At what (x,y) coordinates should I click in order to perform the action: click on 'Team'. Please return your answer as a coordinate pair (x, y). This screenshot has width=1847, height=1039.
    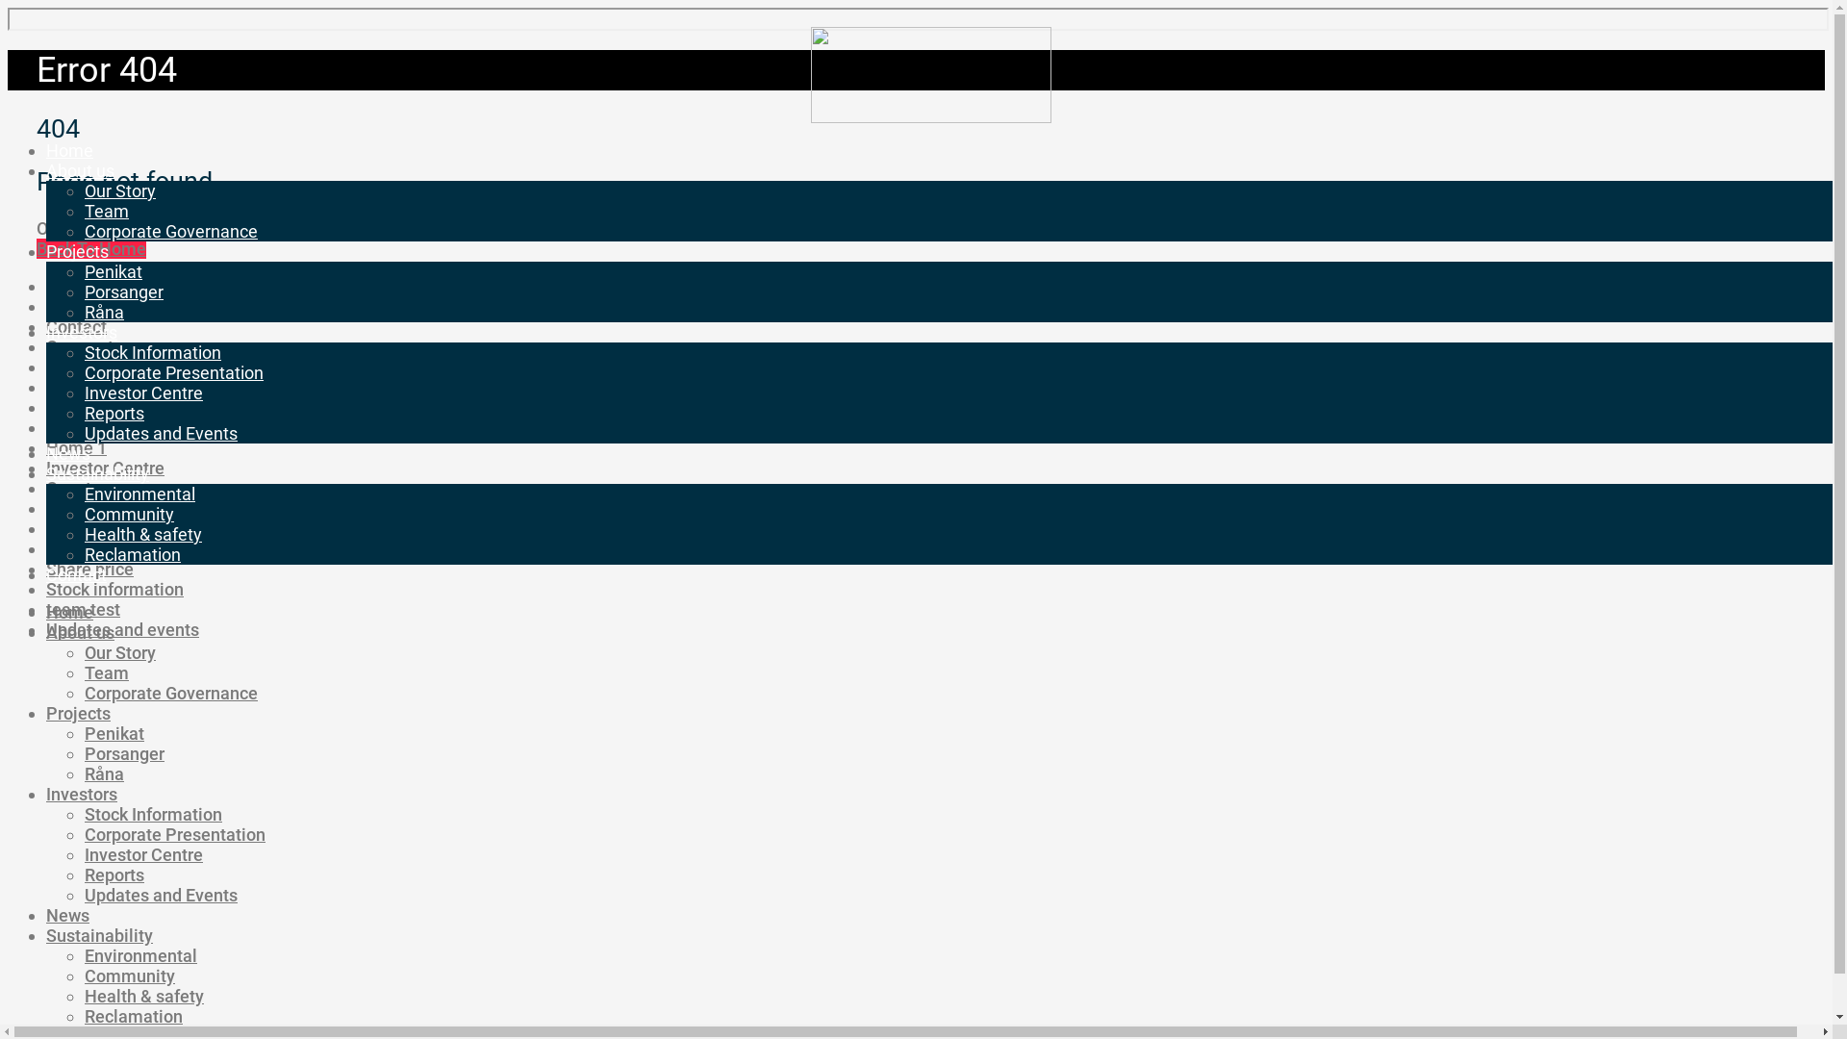
    Looking at the image, I should click on (83, 211).